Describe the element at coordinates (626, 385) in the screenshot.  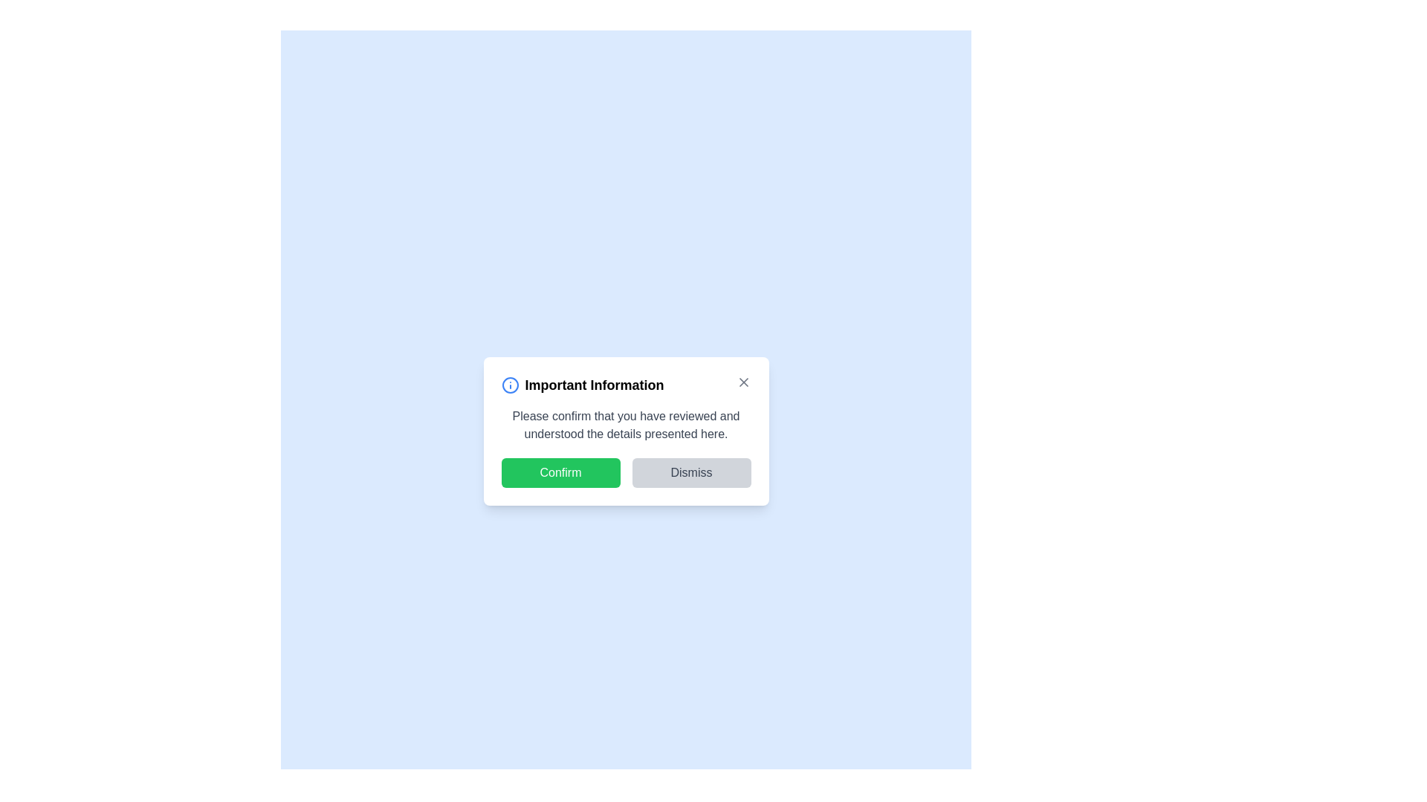
I see `the 'Important Information' text in the Header section of the modal` at that location.